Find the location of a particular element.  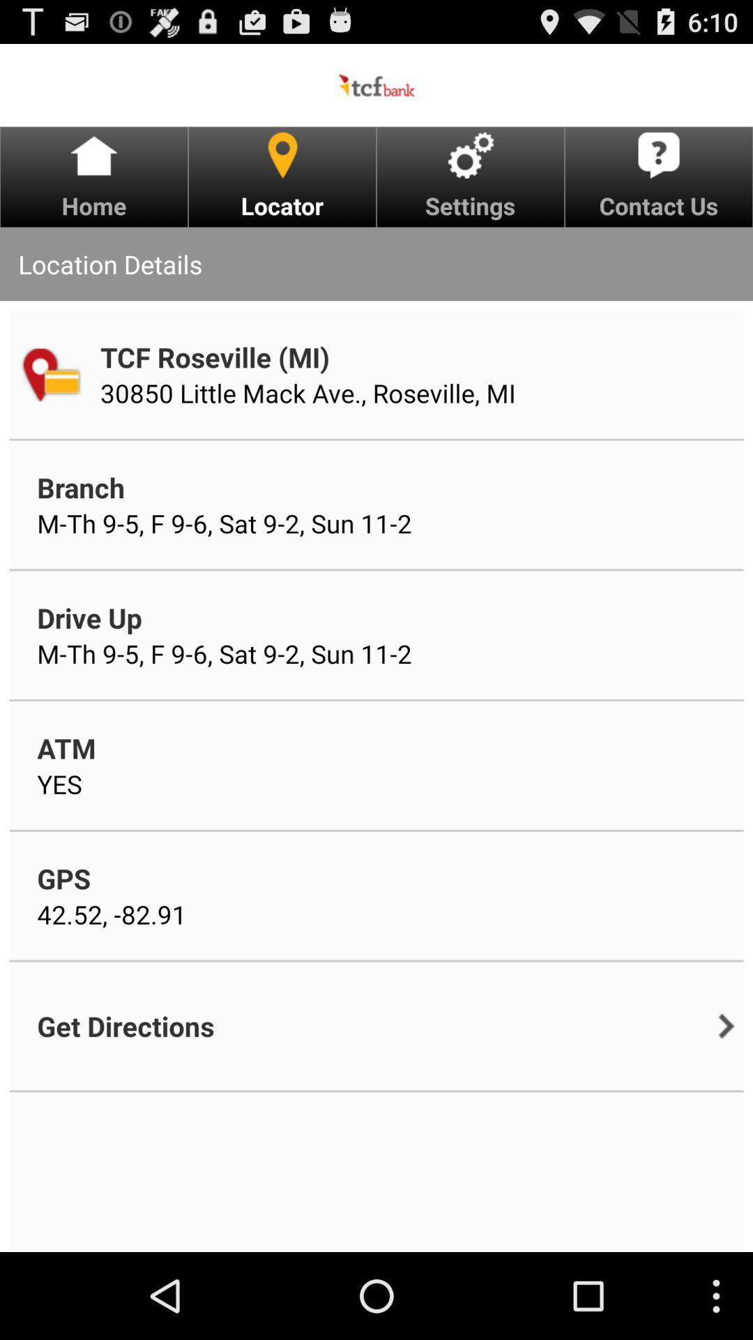

the item below m th 9 icon is located at coordinates (89, 617).